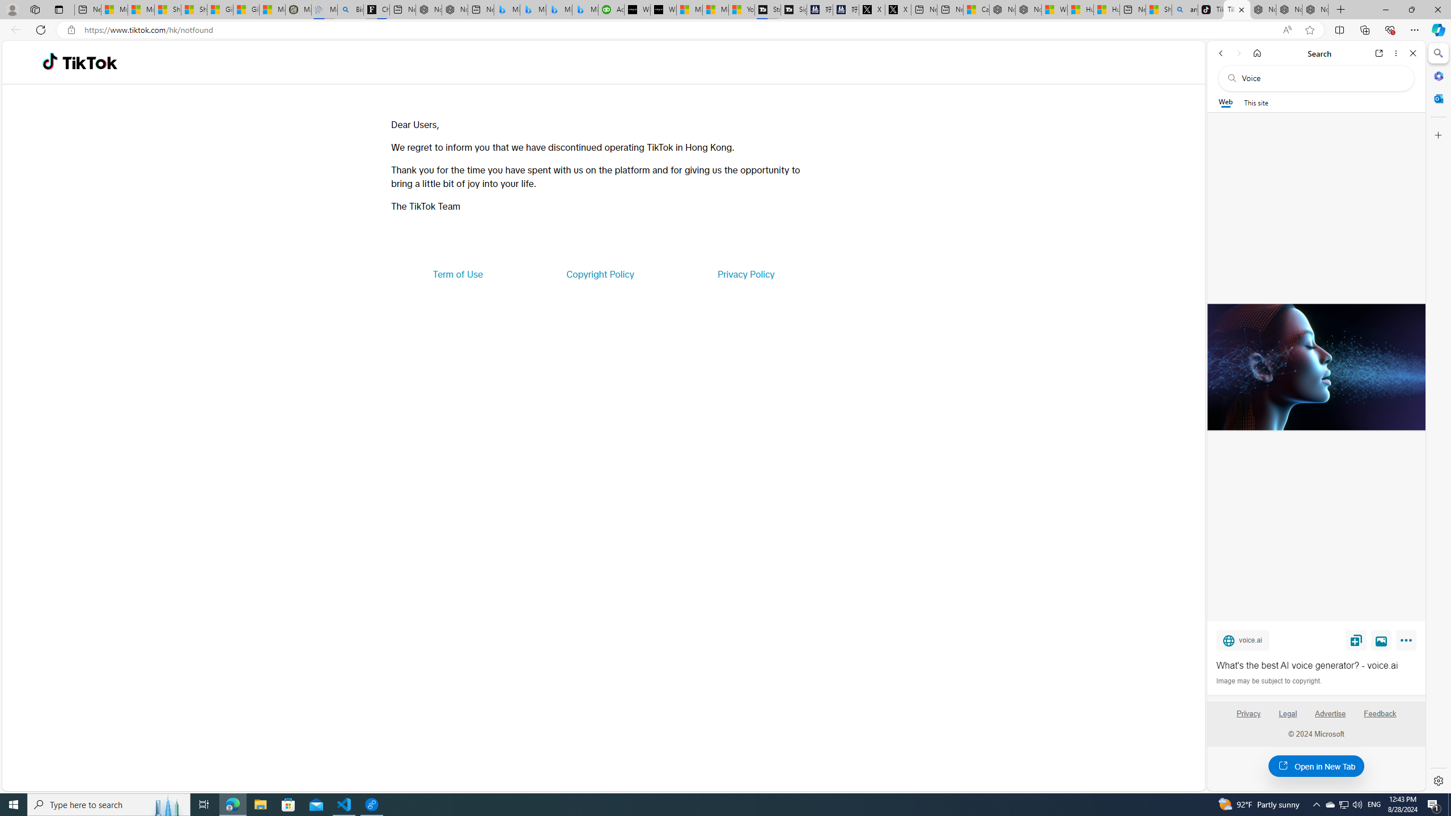  I want to click on 'Customize', so click(1437, 134).